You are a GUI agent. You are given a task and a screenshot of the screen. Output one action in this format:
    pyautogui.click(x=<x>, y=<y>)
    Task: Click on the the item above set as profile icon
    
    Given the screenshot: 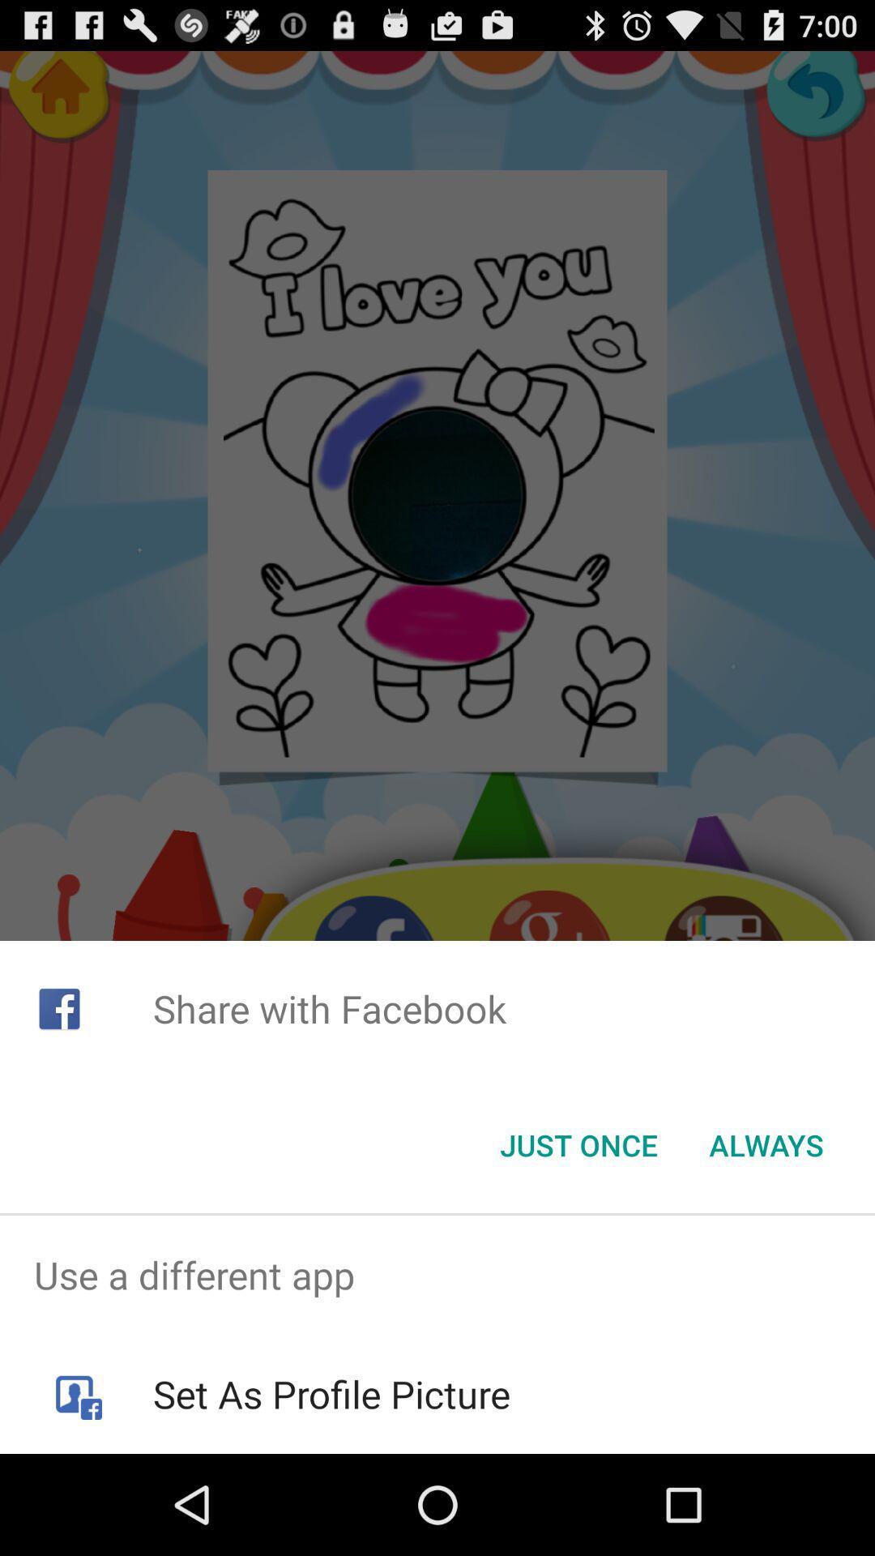 What is the action you would take?
    pyautogui.click(x=437, y=1274)
    